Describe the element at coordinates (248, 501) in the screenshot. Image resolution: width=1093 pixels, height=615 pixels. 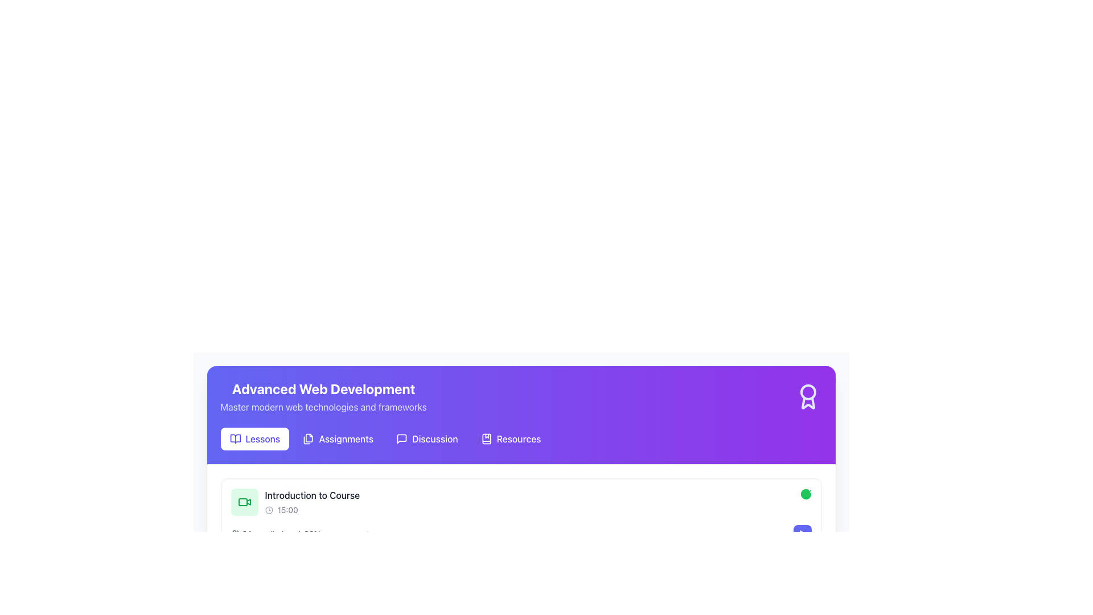
I see `the video icon that resembles a video camera with a triangular play button in the middle, located in the 'Introduction to Course' section` at that location.